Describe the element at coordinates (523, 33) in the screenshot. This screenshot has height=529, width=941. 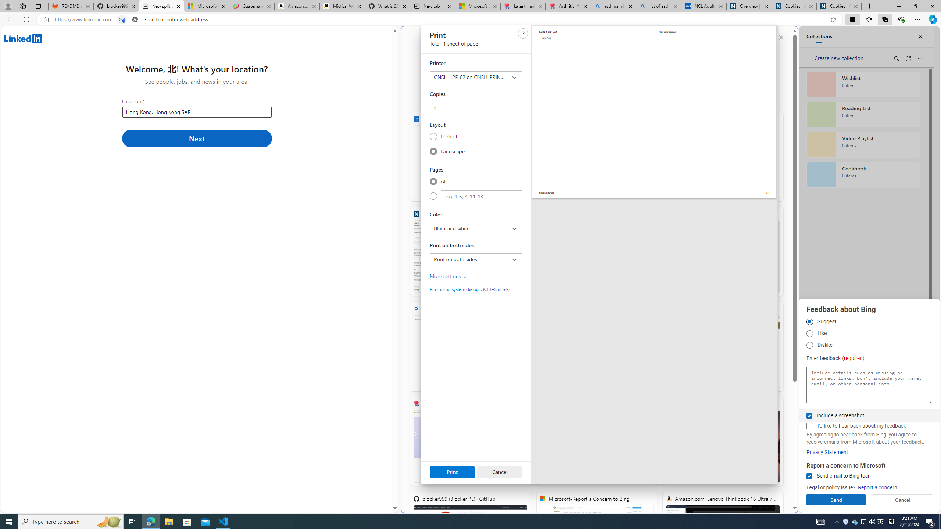
I see `'Need help'` at that location.